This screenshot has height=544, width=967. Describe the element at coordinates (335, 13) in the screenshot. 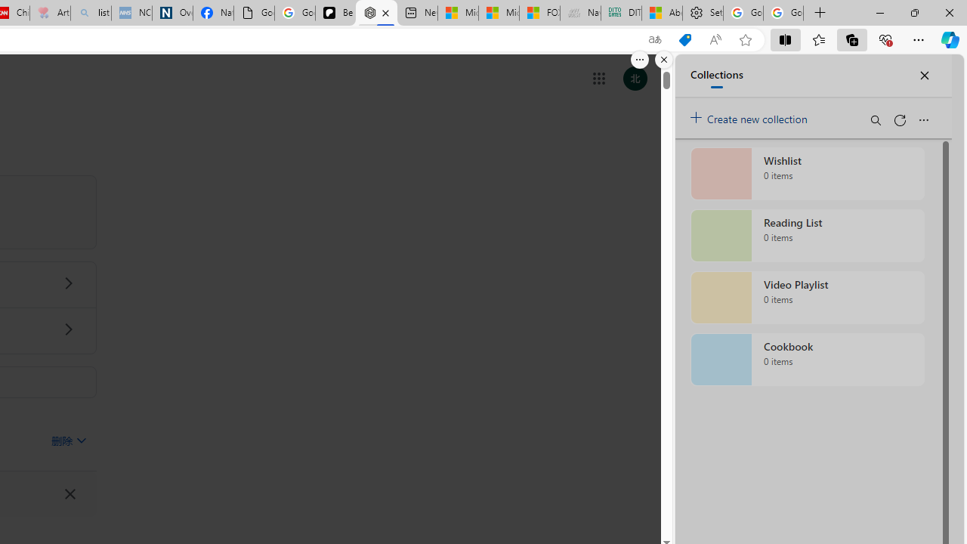

I see `'Be Smart | creating Science videos | Patreon'` at that location.